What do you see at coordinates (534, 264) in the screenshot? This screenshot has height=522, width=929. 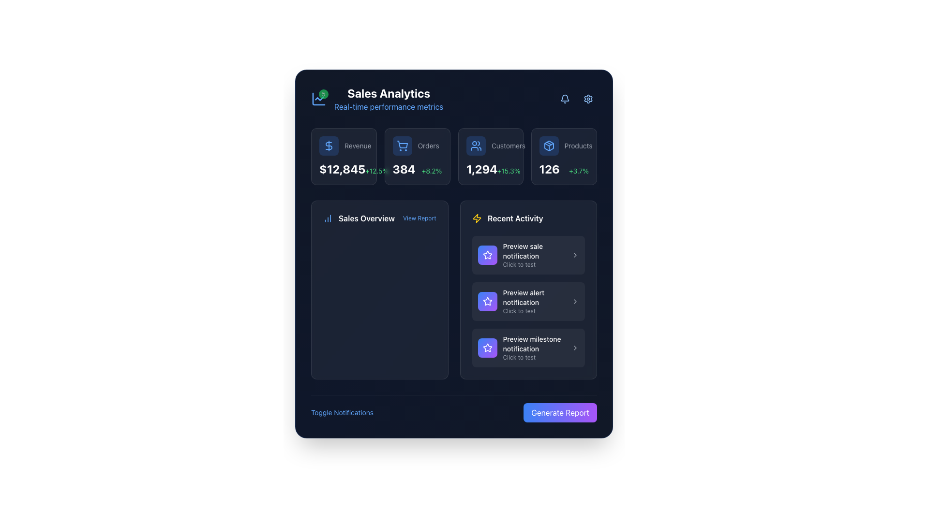 I see `the text label providing supplemental information for the 'Preview sale notification' entry located in the 'Recent Activity' section` at bounding box center [534, 264].